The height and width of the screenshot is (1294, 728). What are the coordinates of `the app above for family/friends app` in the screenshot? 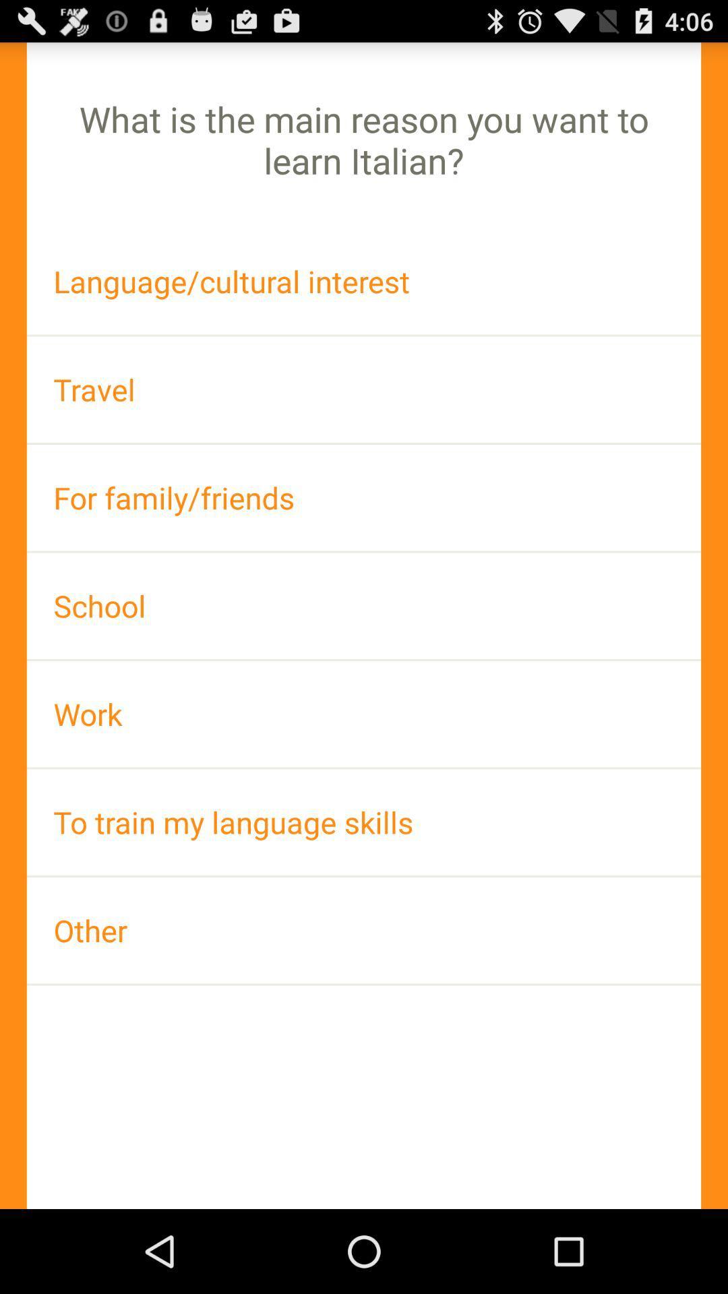 It's located at (364, 389).